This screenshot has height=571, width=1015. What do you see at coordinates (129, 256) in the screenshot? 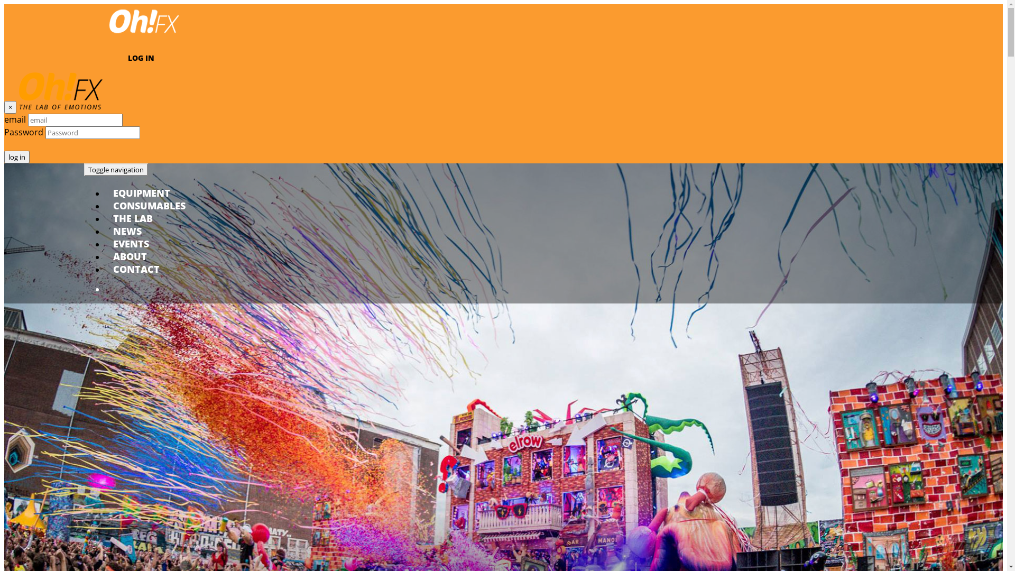
I see `'ABOUT'` at bounding box center [129, 256].